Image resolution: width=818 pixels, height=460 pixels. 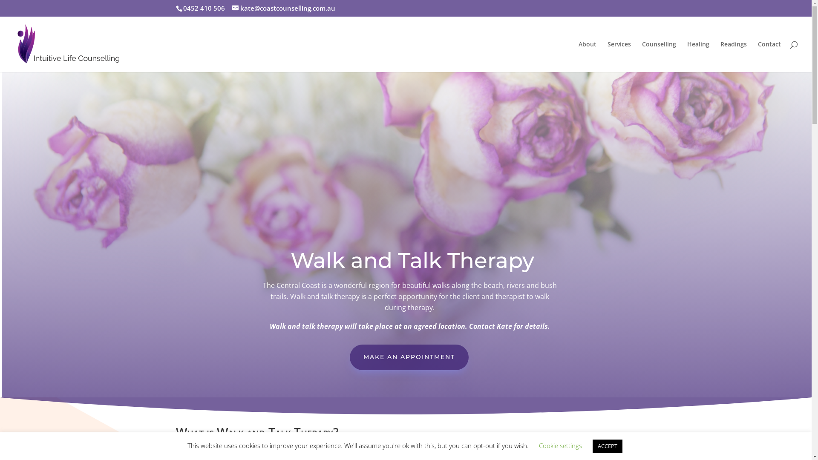 What do you see at coordinates (658, 56) in the screenshot?
I see `'Counselling'` at bounding box center [658, 56].